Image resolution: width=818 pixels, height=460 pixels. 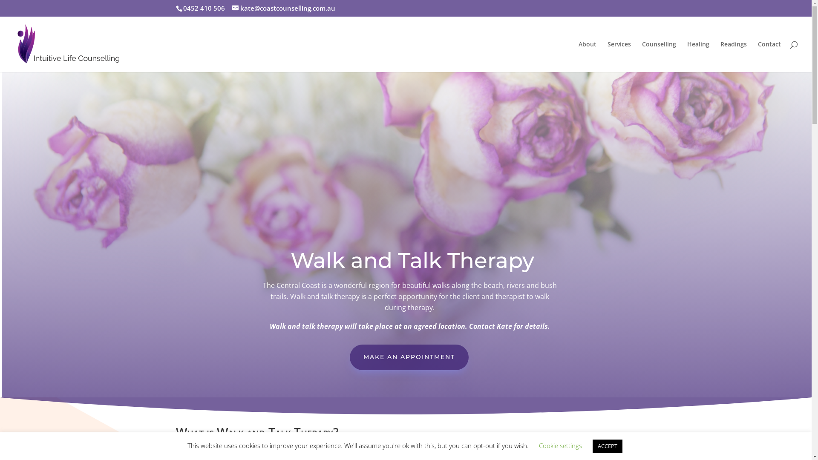 What do you see at coordinates (658, 56) in the screenshot?
I see `'Counselling'` at bounding box center [658, 56].